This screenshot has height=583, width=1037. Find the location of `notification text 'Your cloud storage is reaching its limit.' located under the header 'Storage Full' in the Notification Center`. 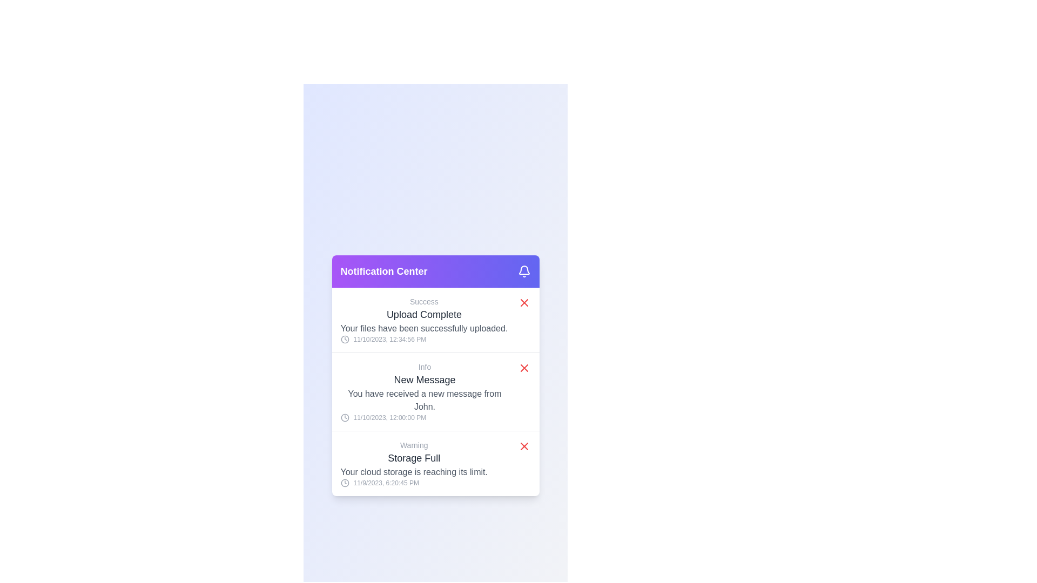

notification text 'Your cloud storage is reaching its limit.' located under the header 'Storage Full' in the Notification Center is located at coordinates (413, 472).